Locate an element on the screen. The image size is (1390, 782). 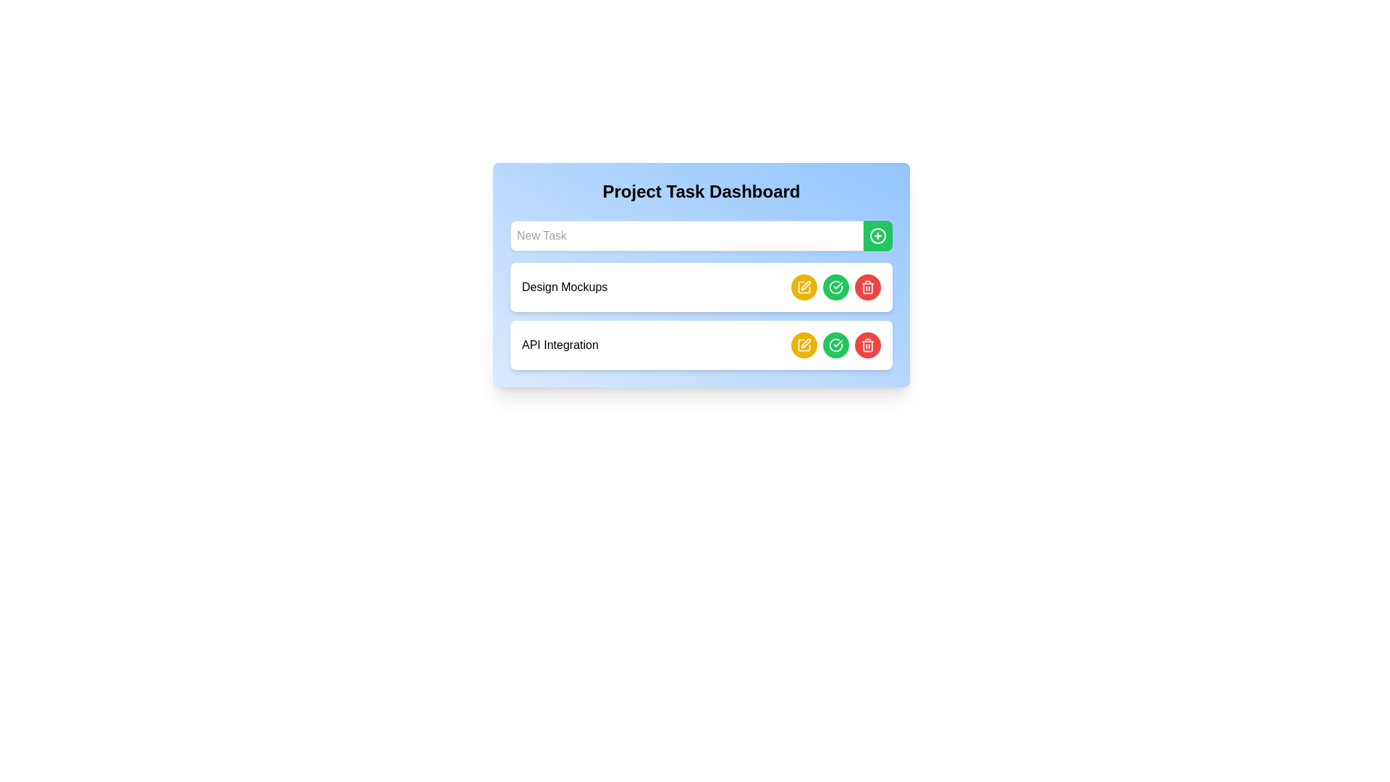
the delete icon button, which is the rightmost button in the action button group of the second item in the list is located at coordinates (868, 345).